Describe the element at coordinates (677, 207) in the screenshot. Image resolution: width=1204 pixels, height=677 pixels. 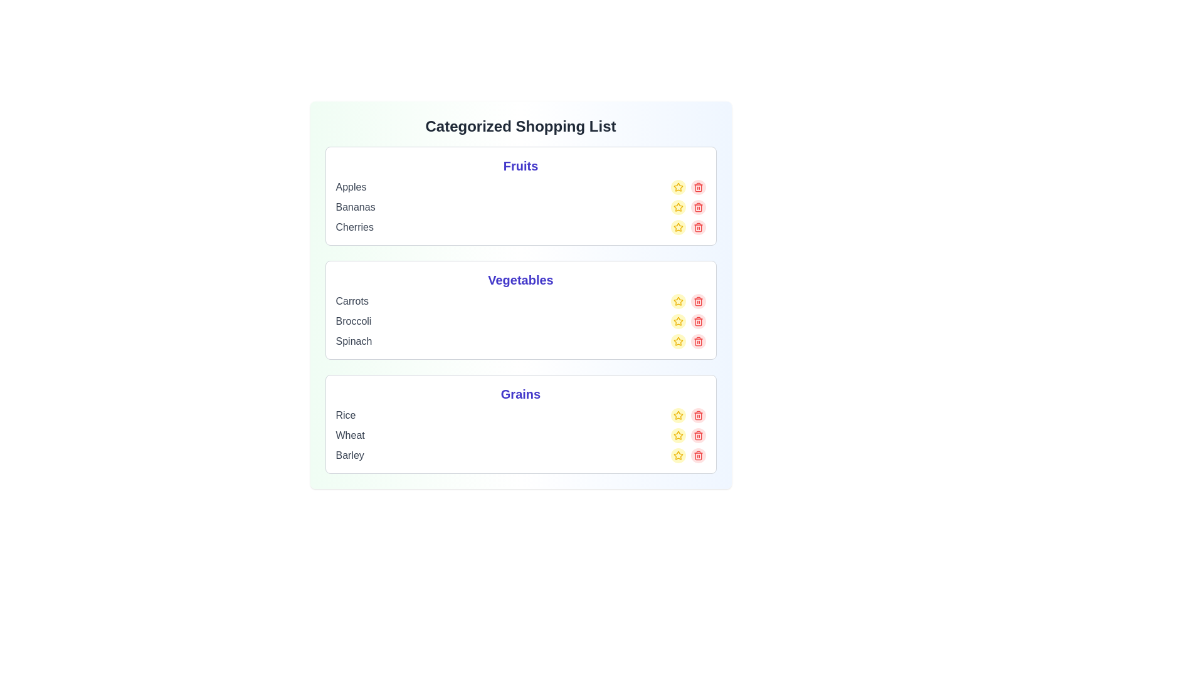
I see `the star icon of the item Bananas to mark it as favorite` at that location.